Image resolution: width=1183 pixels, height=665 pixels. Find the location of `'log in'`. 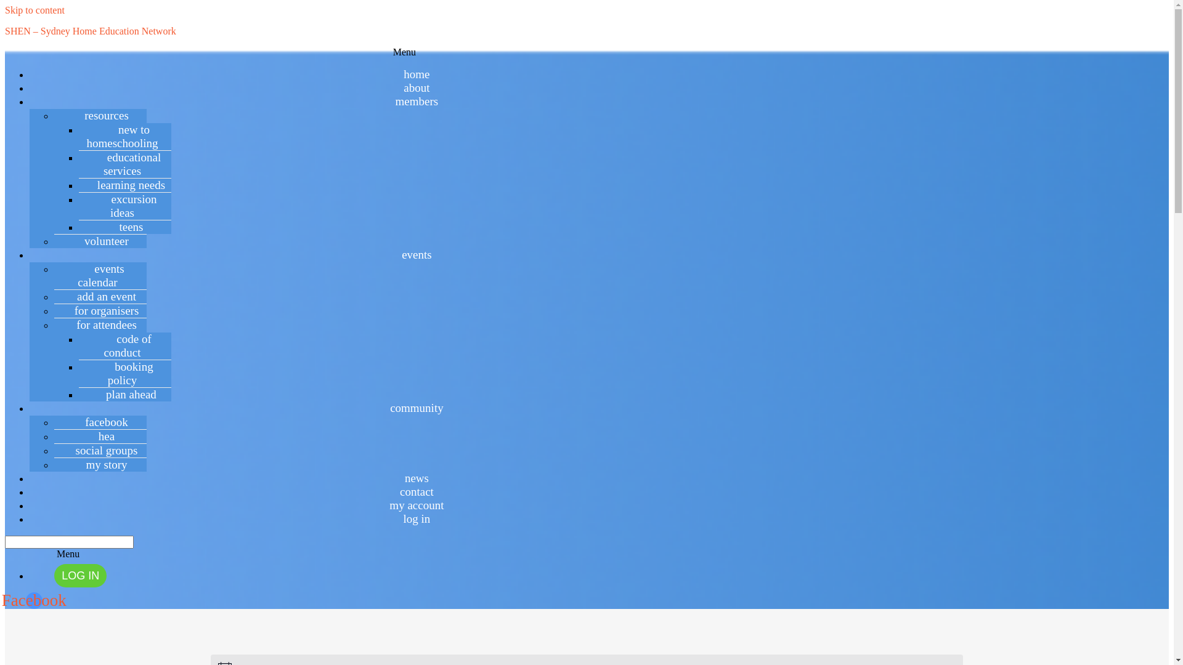

'log in' is located at coordinates (417, 518).